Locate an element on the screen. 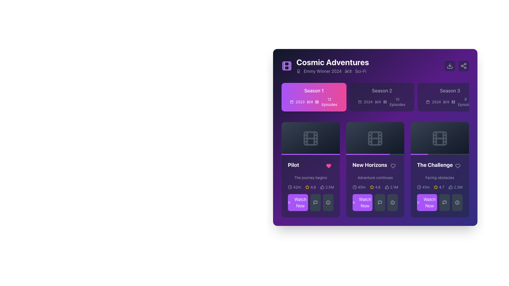 Image resolution: width=509 pixels, height=286 pixels. the timestamp text label located in the 'Season 2' section, to the left of the bullet point and beneath the calendar icon is located at coordinates (368, 102).